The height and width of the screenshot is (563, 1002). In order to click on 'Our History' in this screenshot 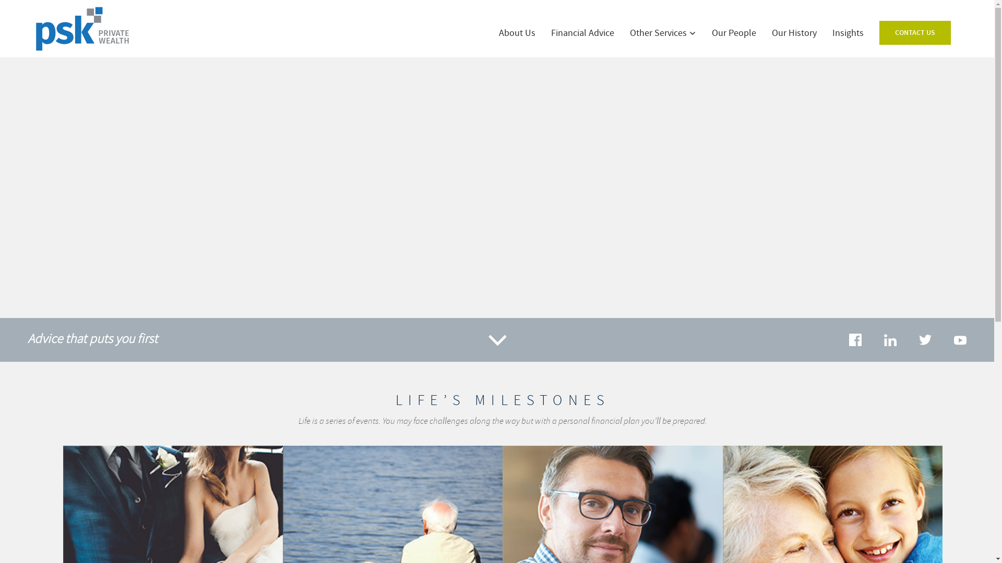, I will do `click(793, 33)`.